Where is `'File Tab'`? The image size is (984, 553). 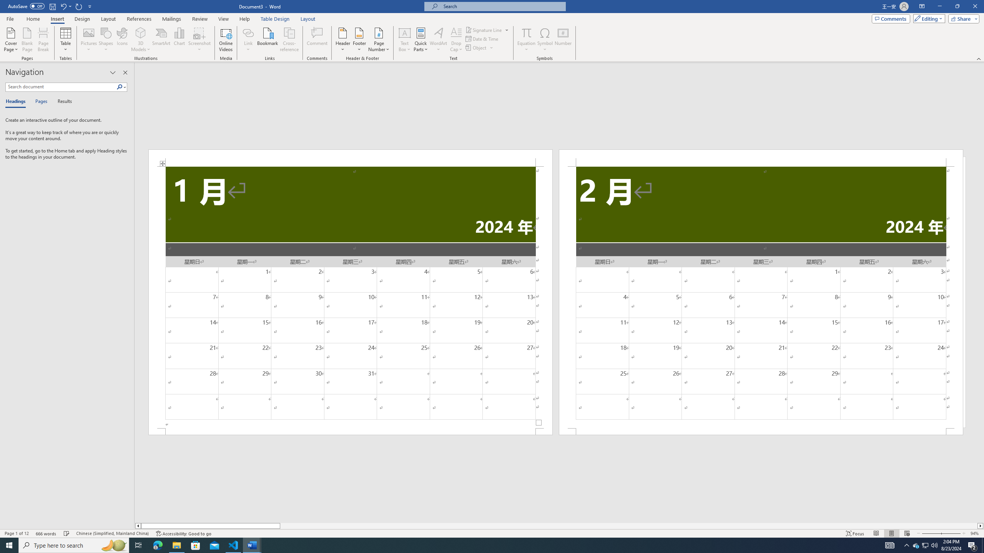 'File Tab' is located at coordinates (10, 18).